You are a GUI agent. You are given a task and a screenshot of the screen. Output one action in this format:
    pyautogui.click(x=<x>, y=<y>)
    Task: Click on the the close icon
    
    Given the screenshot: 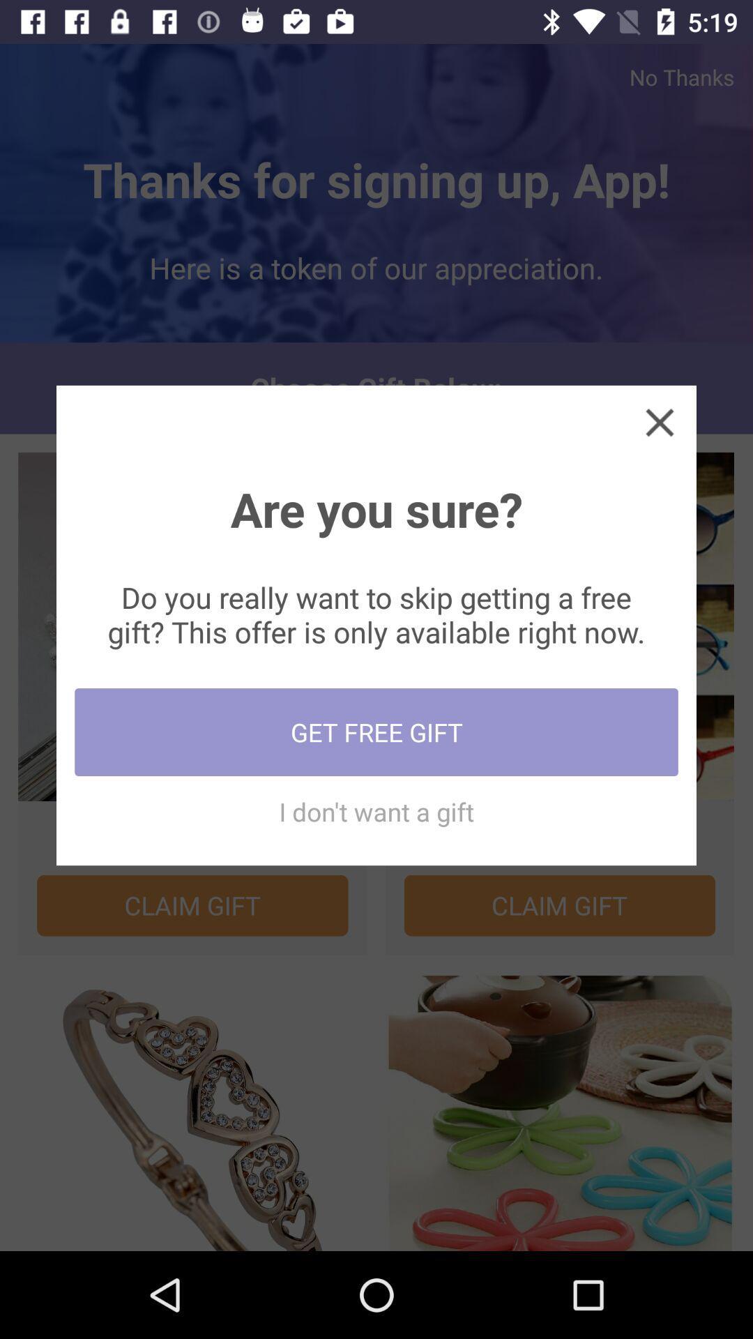 What is the action you would take?
    pyautogui.click(x=659, y=421)
    